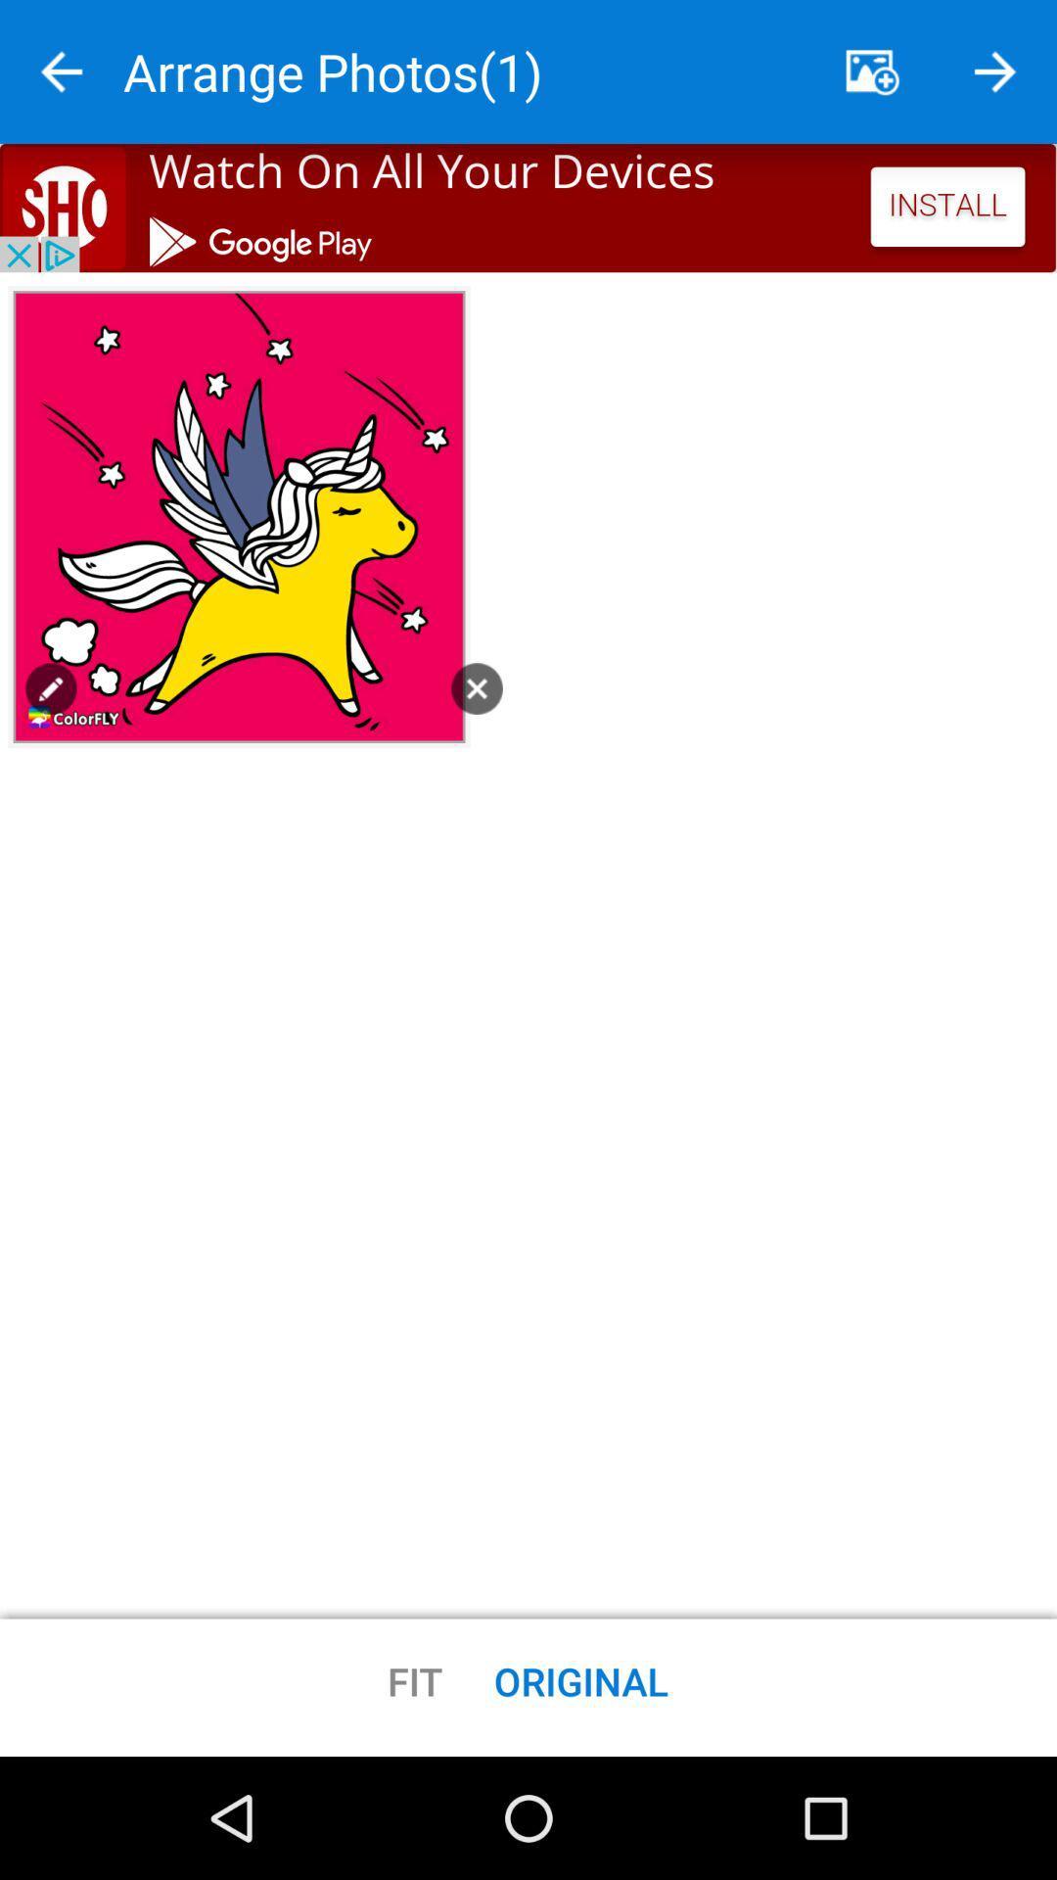 This screenshot has width=1057, height=1880. What do you see at coordinates (871, 71) in the screenshot?
I see `photos in the app` at bounding box center [871, 71].